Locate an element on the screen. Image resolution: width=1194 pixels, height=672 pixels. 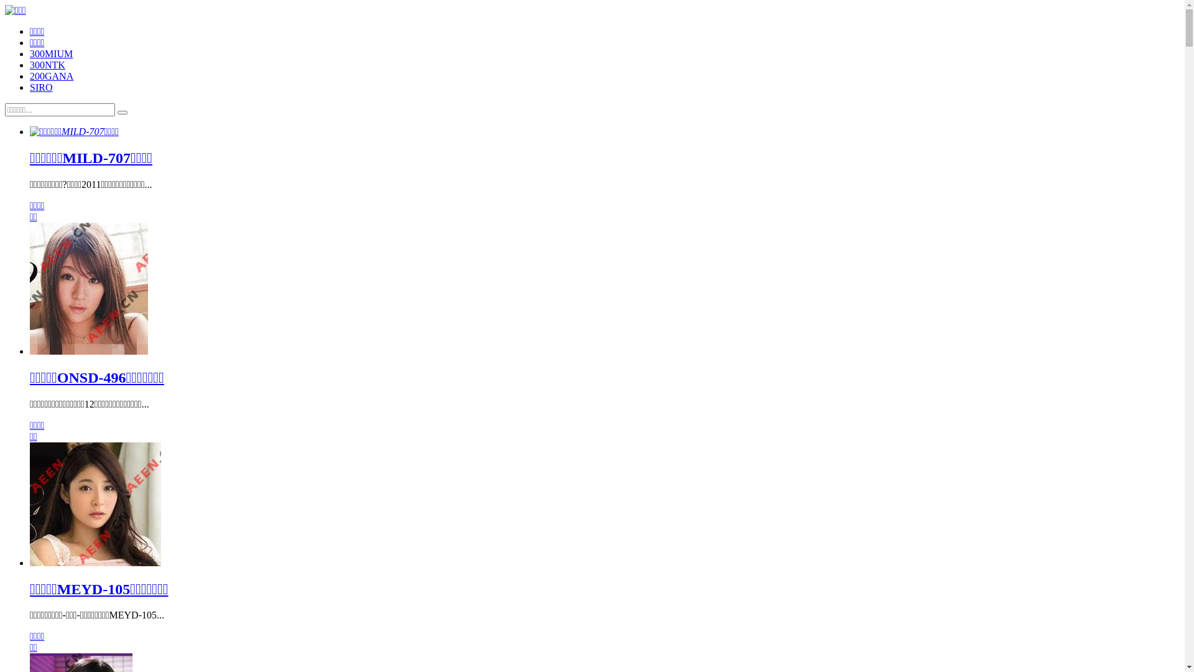
'300NTK' is located at coordinates (47, 65).